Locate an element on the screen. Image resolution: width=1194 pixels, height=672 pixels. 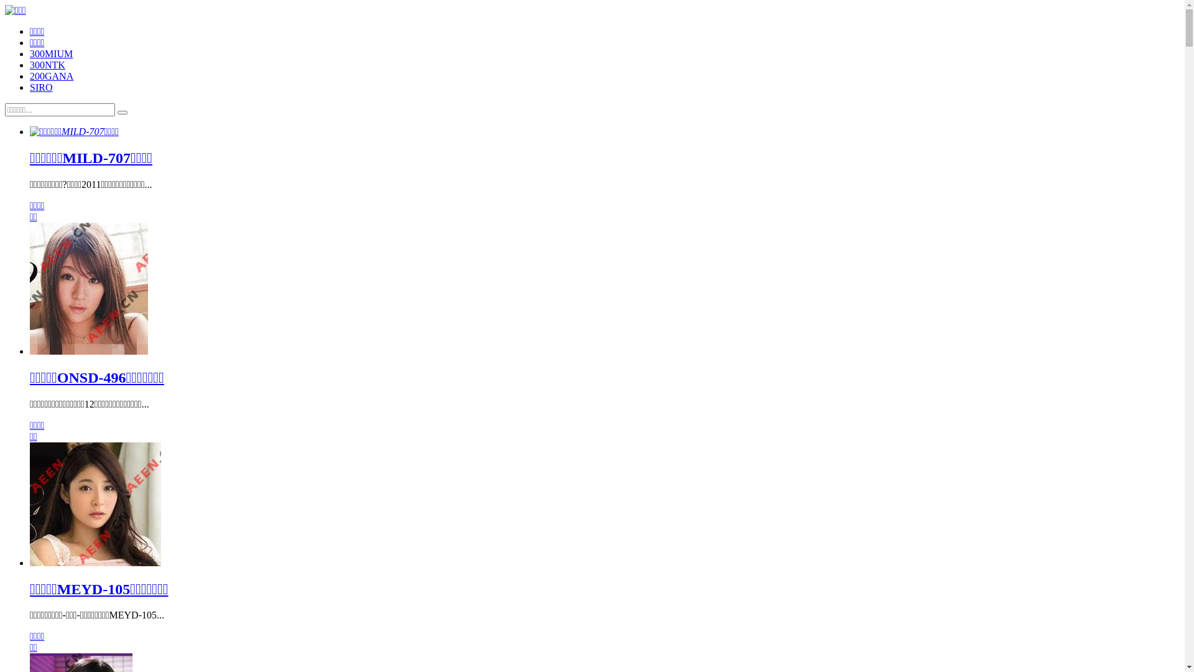
'300NTK' is located at coordinates (47, 65).